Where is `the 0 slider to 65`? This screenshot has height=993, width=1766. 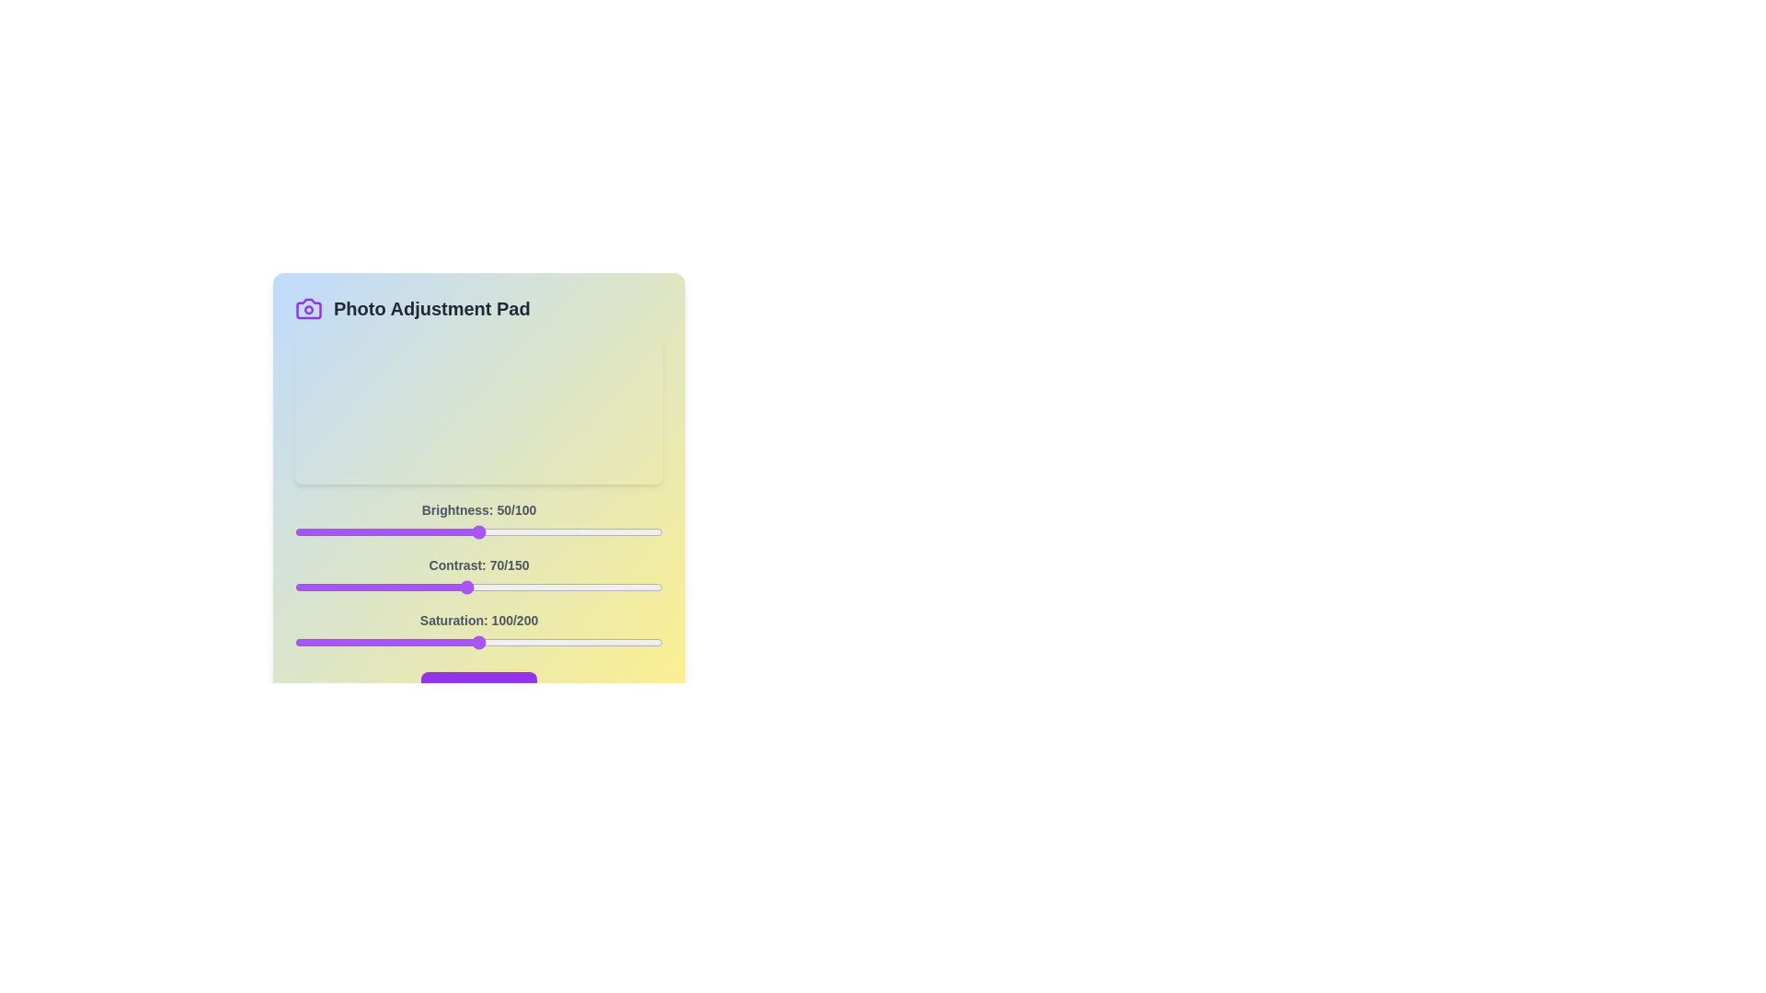 the 0 slider to 65 is located at coordinates (533, 531).